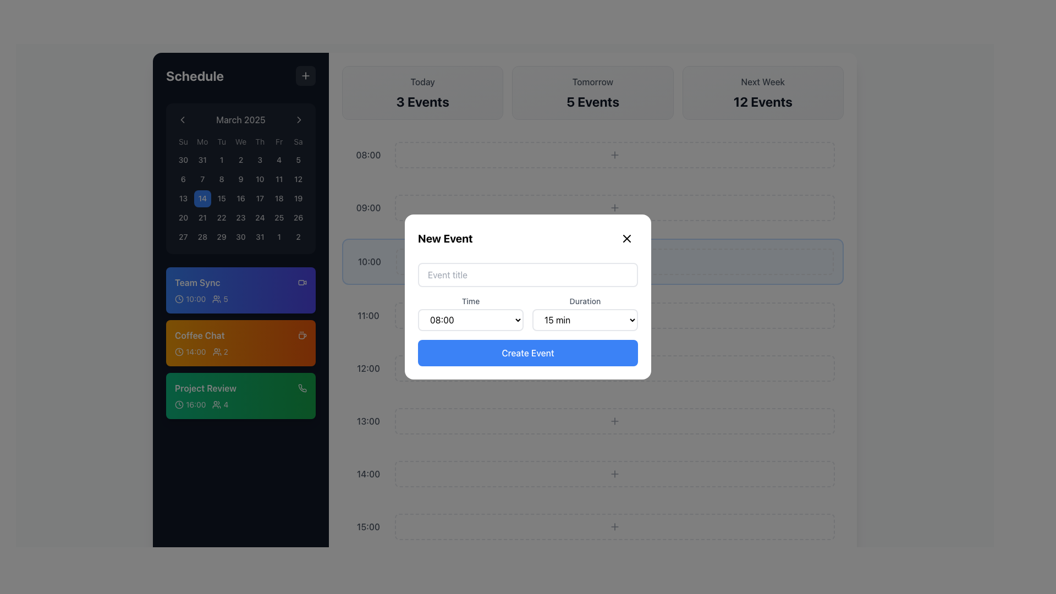 This screenshot has height=594, width=1056. What do you see at coordinates (183, 141) in the screenshot?
I see `the Text element displaying 'Su' in light gray color, located at the top-left corner of a calendar header row` at bounding box center [183, 141].